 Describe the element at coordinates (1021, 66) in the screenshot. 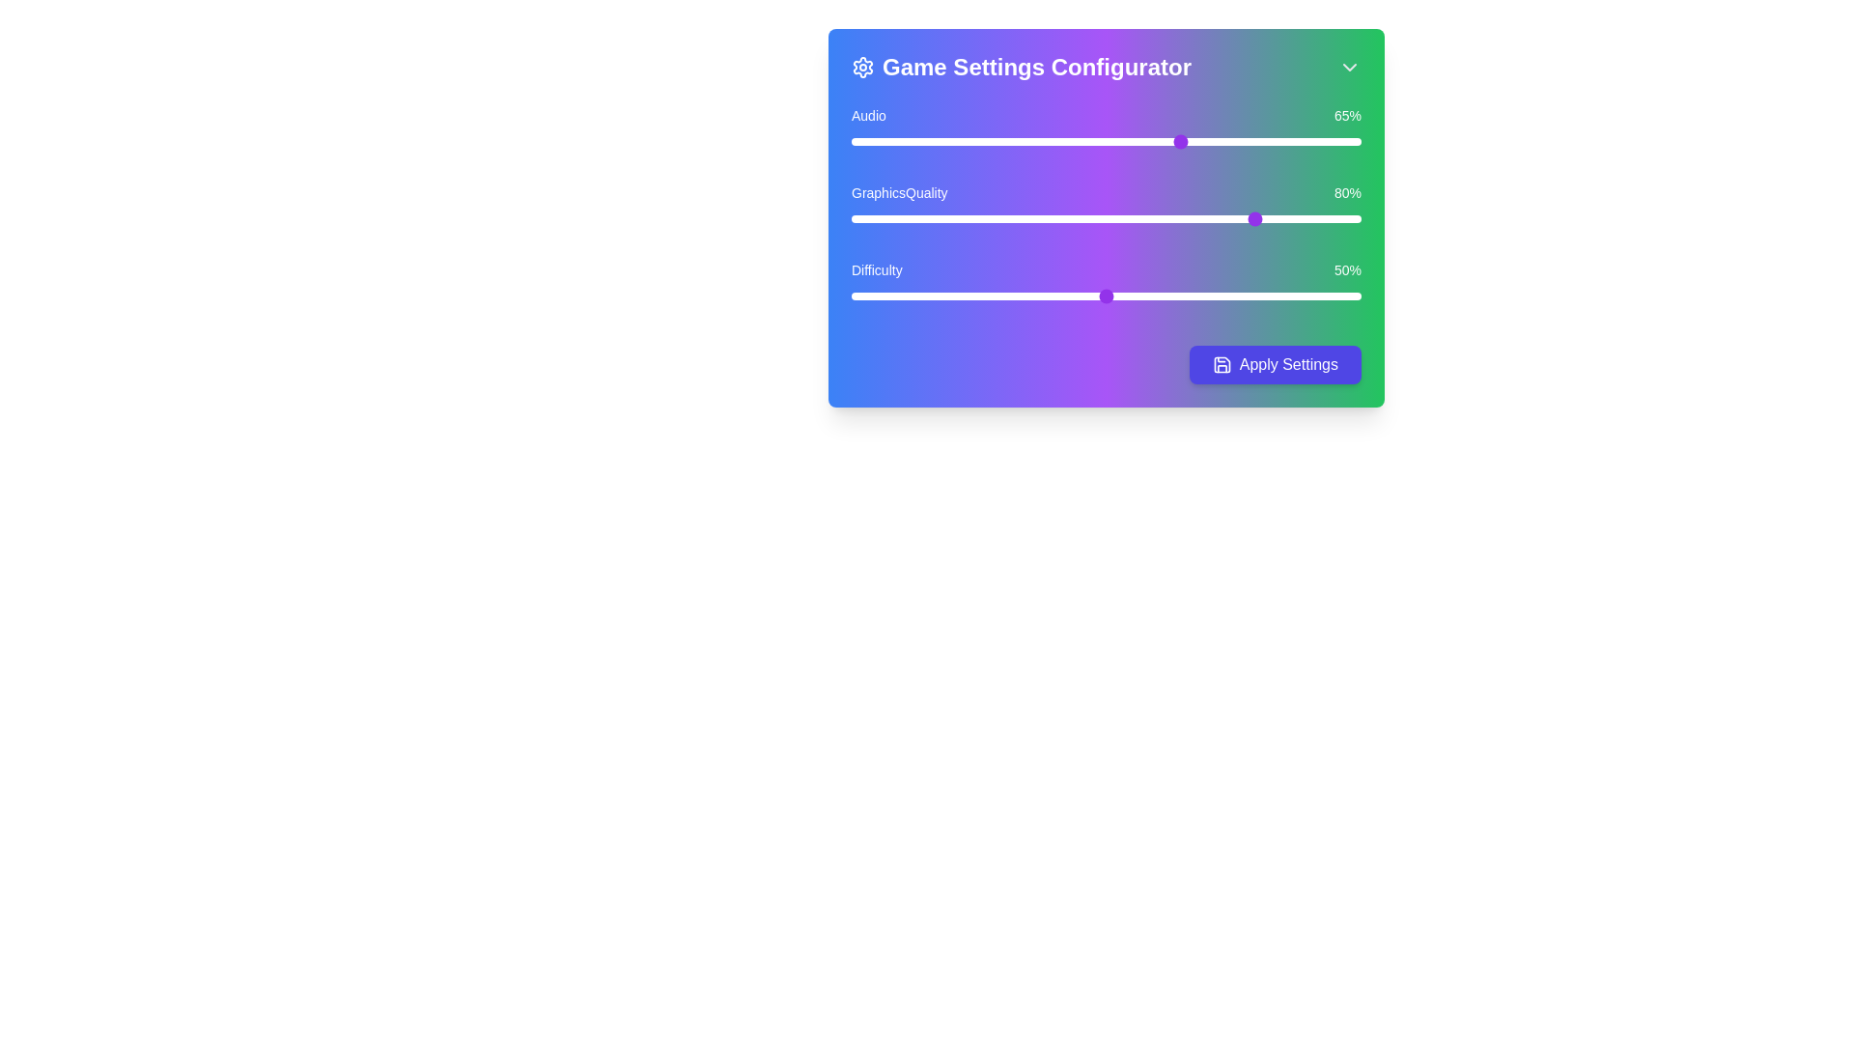

I see `the label indicating the title of the settings panel, which is the 'Game Settings Configurator'` at that location.